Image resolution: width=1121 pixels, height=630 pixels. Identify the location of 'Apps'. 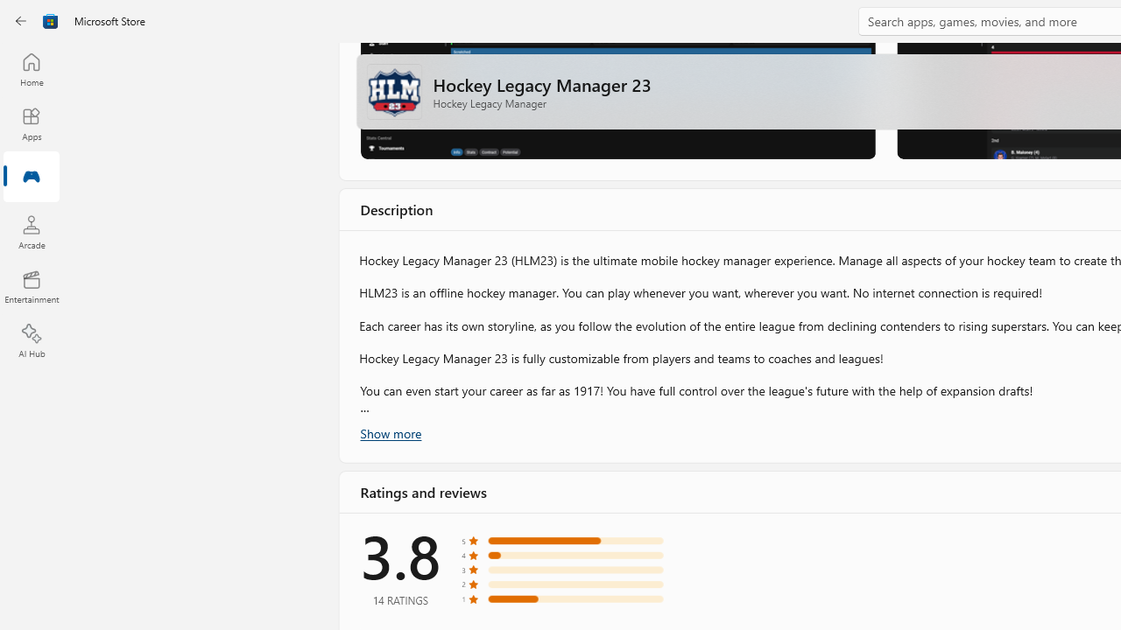
(31, 122).